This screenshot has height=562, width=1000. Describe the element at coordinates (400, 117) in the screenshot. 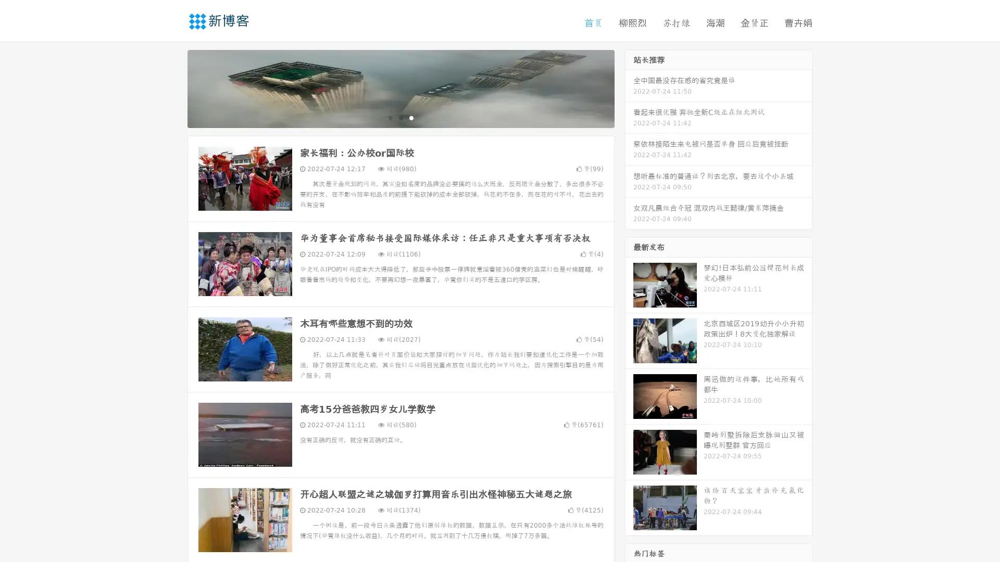

I see `Go to slide 2` at that location.